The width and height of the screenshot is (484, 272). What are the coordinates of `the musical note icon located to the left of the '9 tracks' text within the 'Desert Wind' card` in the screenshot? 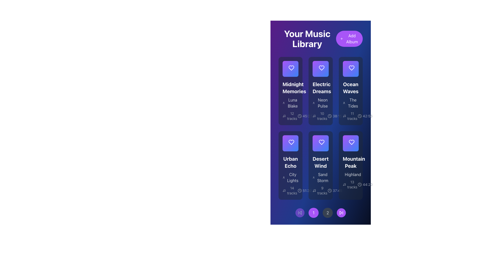 It's located at (314, 190).